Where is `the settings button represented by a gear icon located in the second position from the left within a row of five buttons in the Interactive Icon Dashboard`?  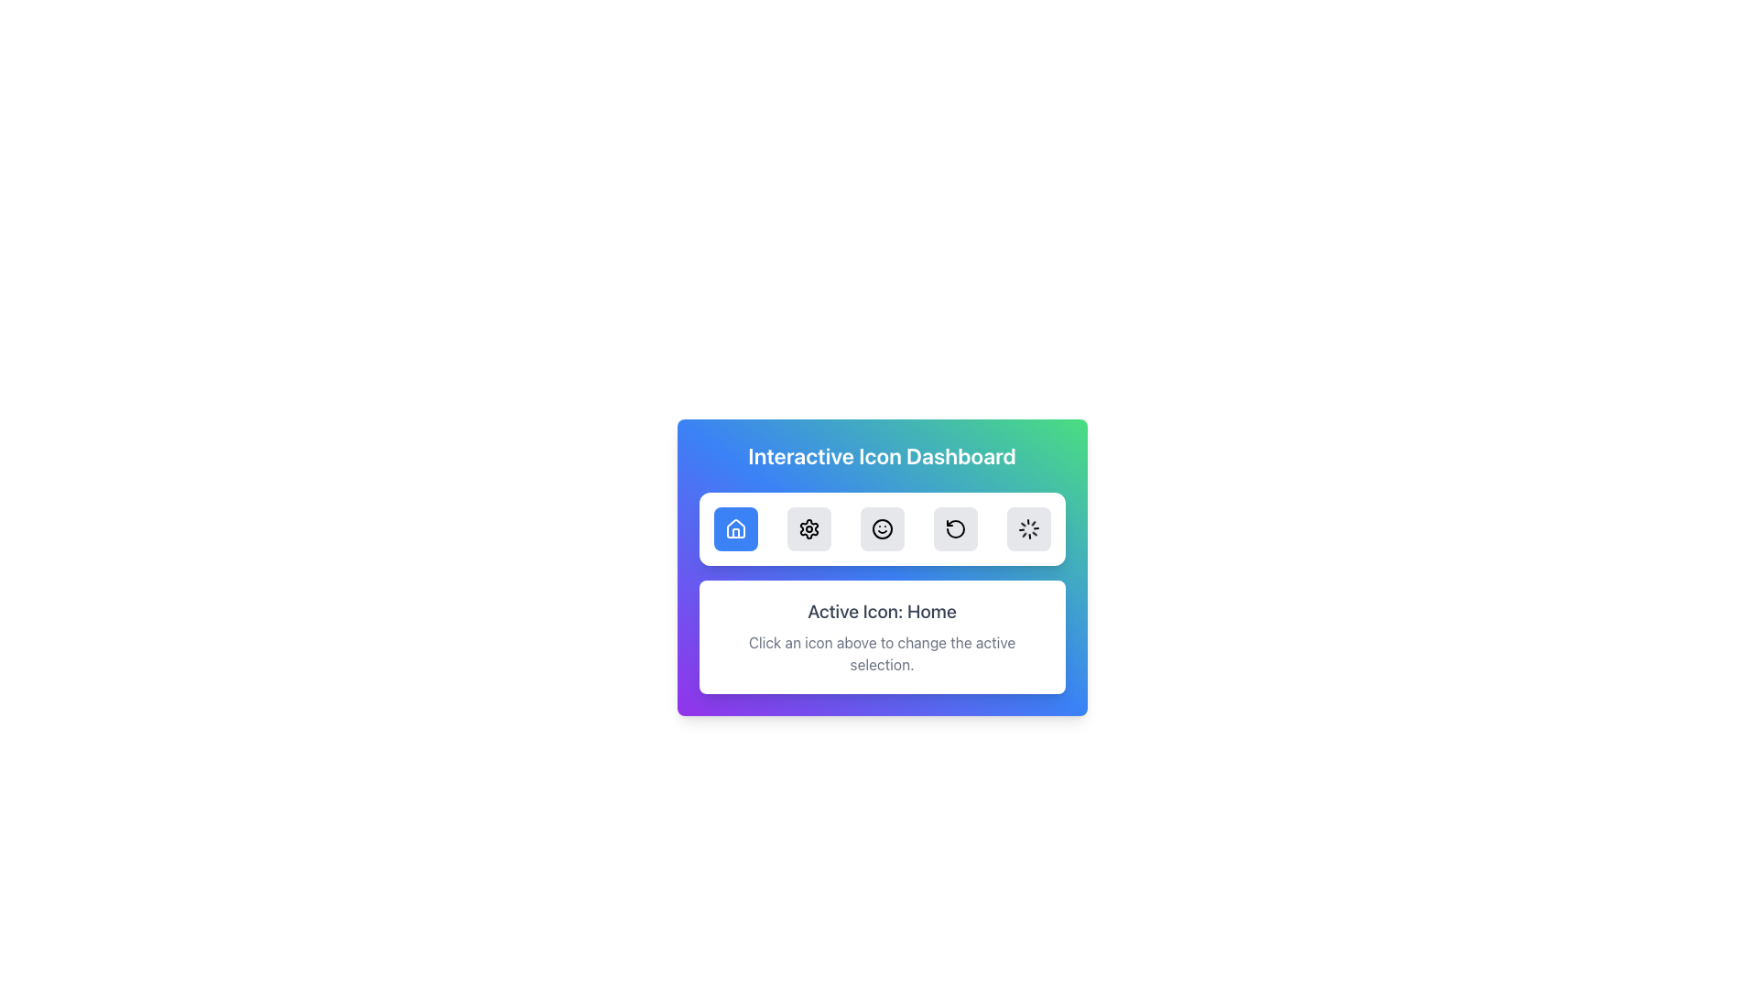 the settings button represented by a gear icon located in the second position from the left within a row of five buttons in the Interactive Icon Dashboard is located at coordinates (808, 529).